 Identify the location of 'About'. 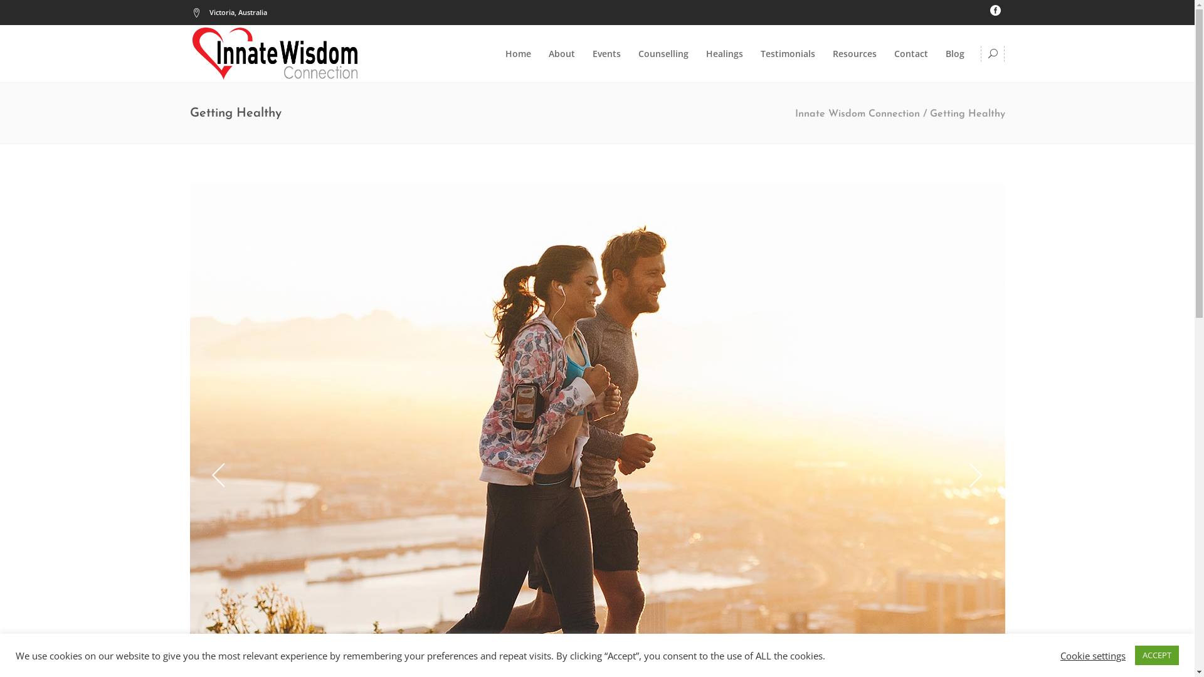
(560, 53).